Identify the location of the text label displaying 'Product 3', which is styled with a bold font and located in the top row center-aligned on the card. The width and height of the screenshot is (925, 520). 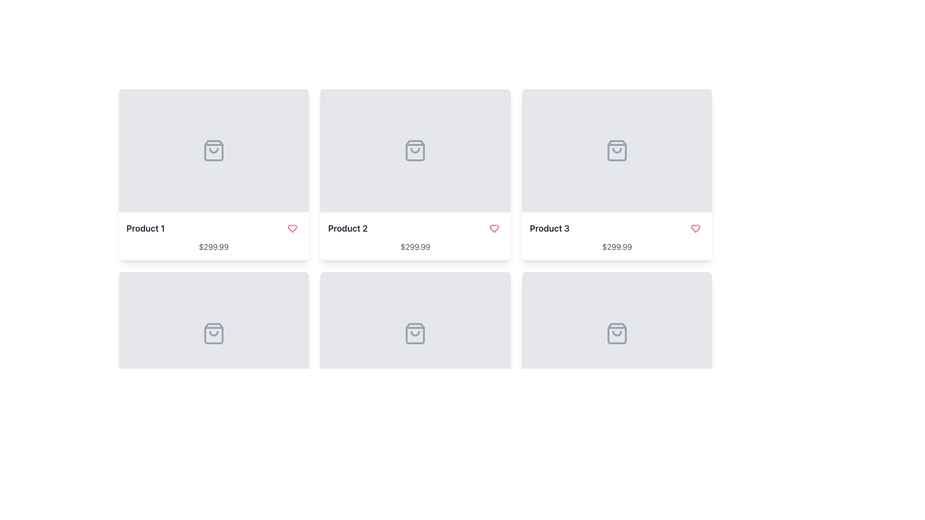
(550, 228).